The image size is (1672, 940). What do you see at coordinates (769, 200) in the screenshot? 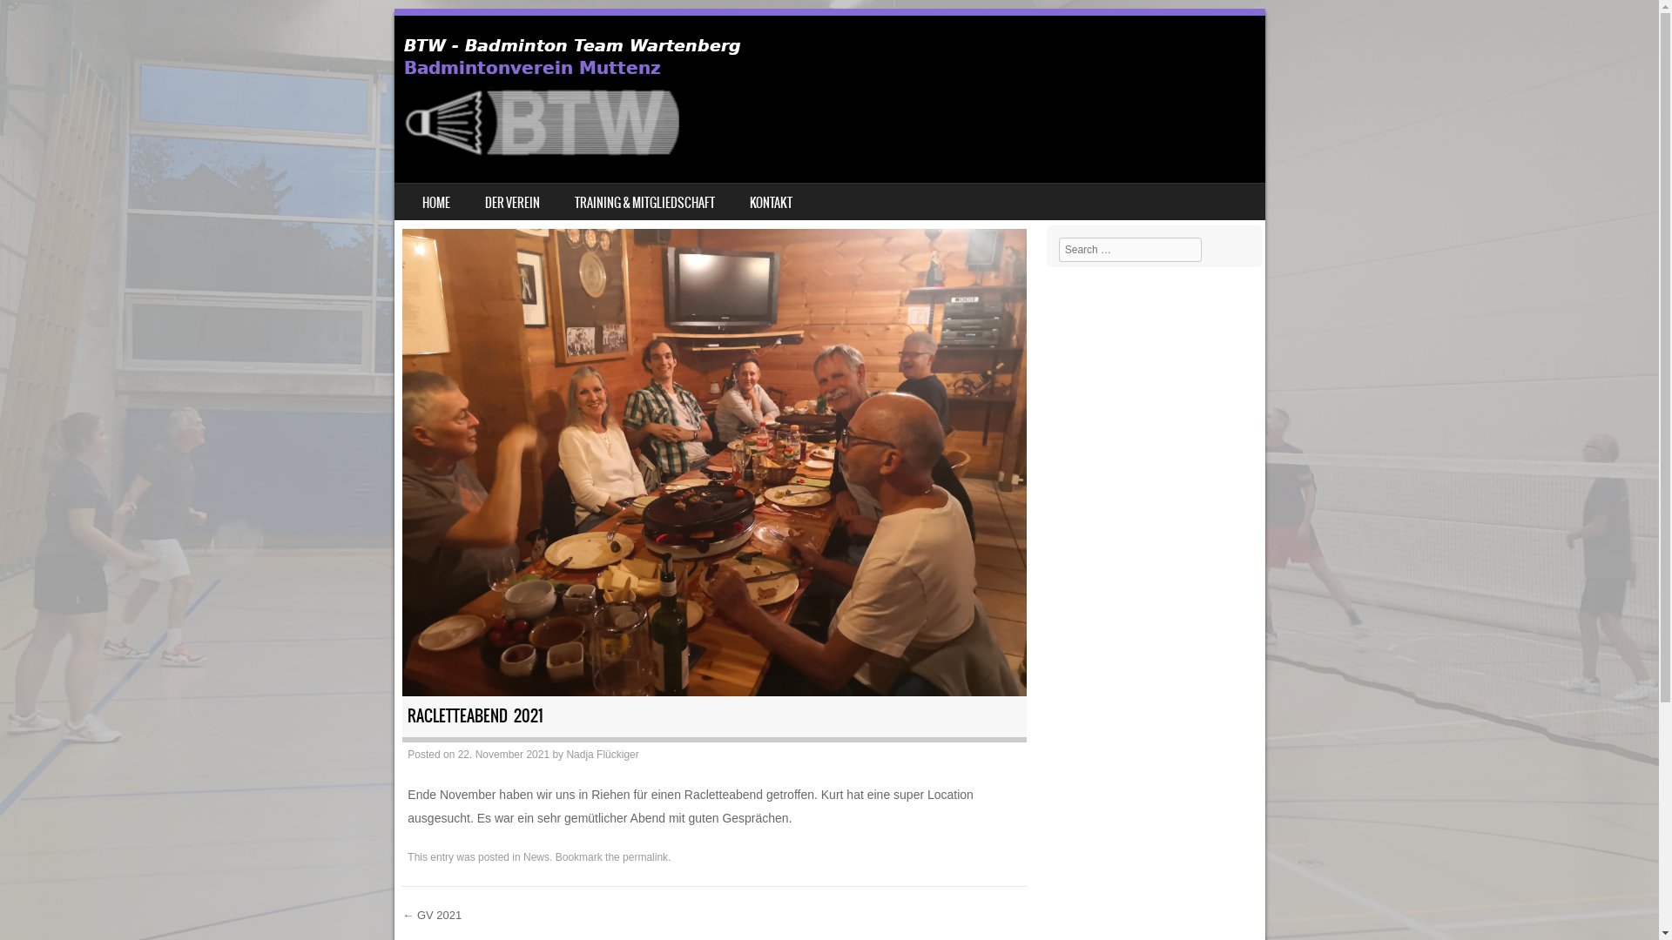
I see `'KONTAKT'` at bounding box center [769, 200].